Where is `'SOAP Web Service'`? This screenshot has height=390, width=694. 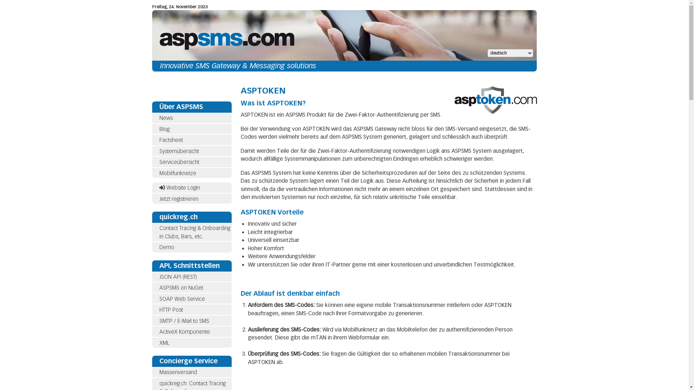 'SOAP Web Service' is located at coordinates (182, 298).